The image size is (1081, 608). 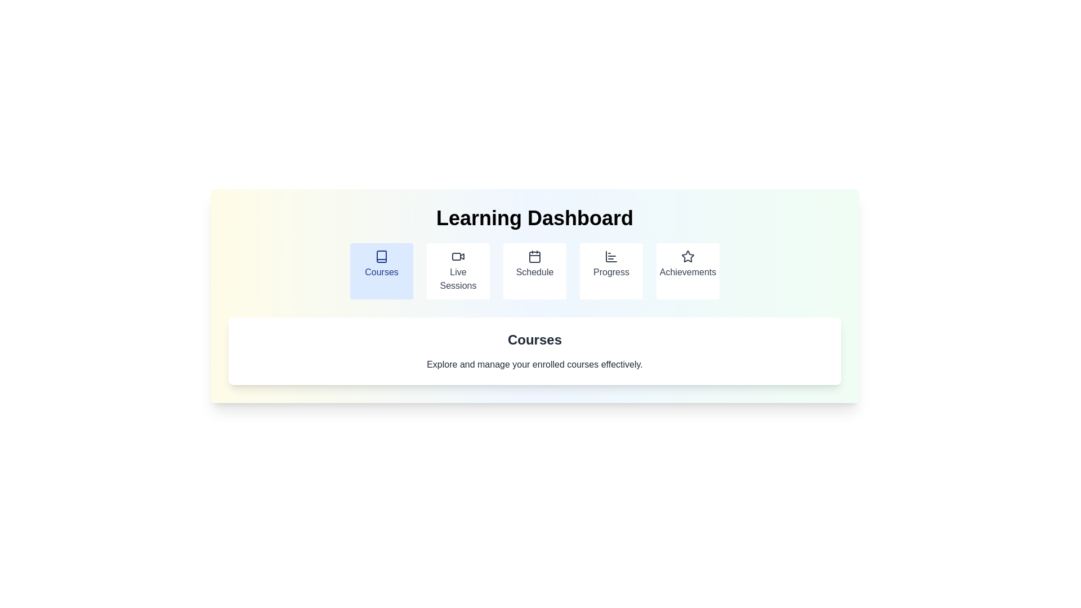 I want to click on the second button in the navigation section labeled 'Learning Dashboard', so click(x=458, y=271).